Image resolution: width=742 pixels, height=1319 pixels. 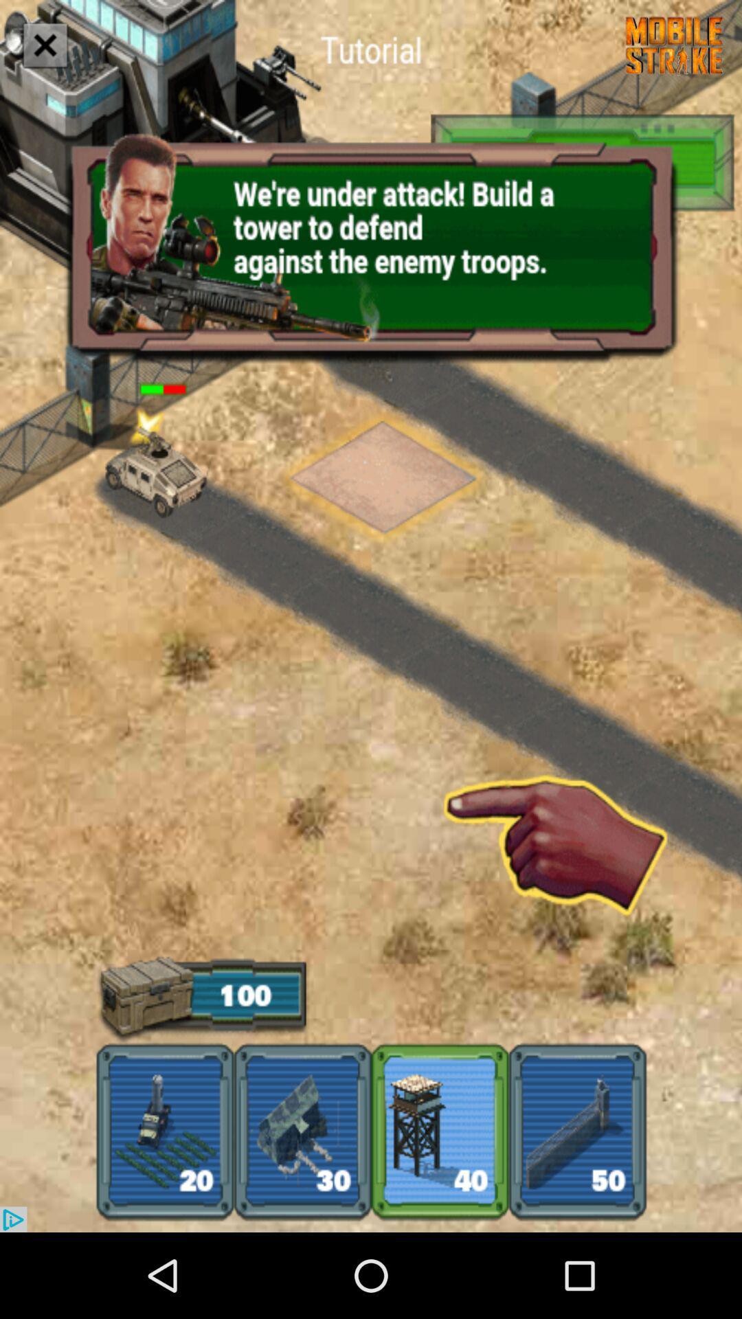 I want to click on the close icon, so click(x=44, y=48).